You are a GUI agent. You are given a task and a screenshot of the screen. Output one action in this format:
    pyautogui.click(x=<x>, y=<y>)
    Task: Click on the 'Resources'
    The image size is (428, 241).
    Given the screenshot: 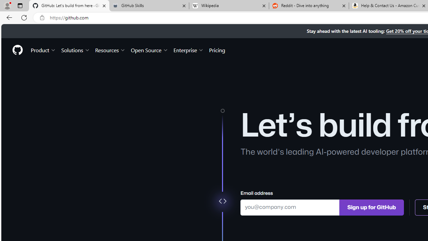 What is the action you would take?
    pyautogui.click(x=110, y=50)
    